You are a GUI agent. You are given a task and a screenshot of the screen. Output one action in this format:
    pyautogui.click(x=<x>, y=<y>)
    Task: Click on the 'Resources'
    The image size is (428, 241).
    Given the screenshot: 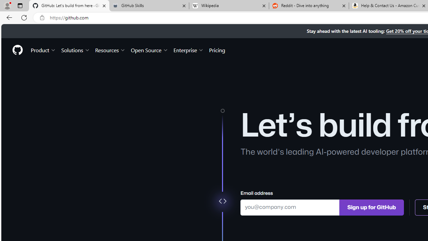 What is the action you would take?
    pyautogui.click(x=110, y=50)
    